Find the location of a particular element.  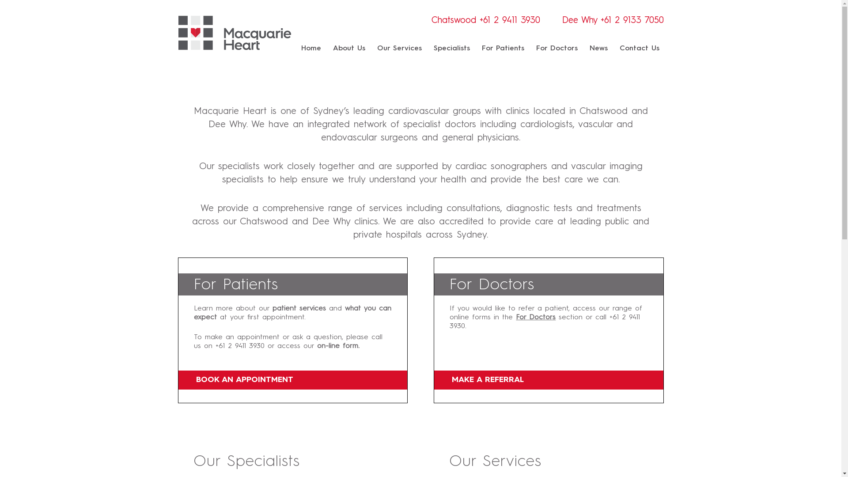

'About Us' is located at coordinates (348, 49).